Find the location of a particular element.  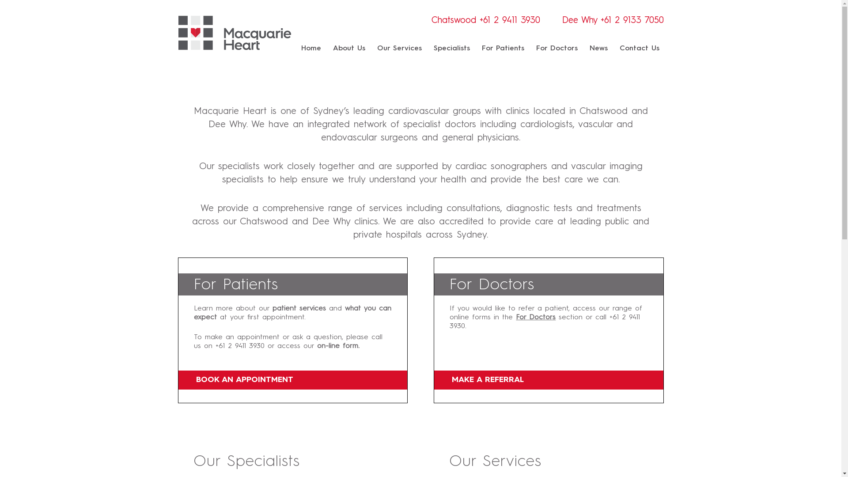

'About Us' is located at coordinates (348, 49).